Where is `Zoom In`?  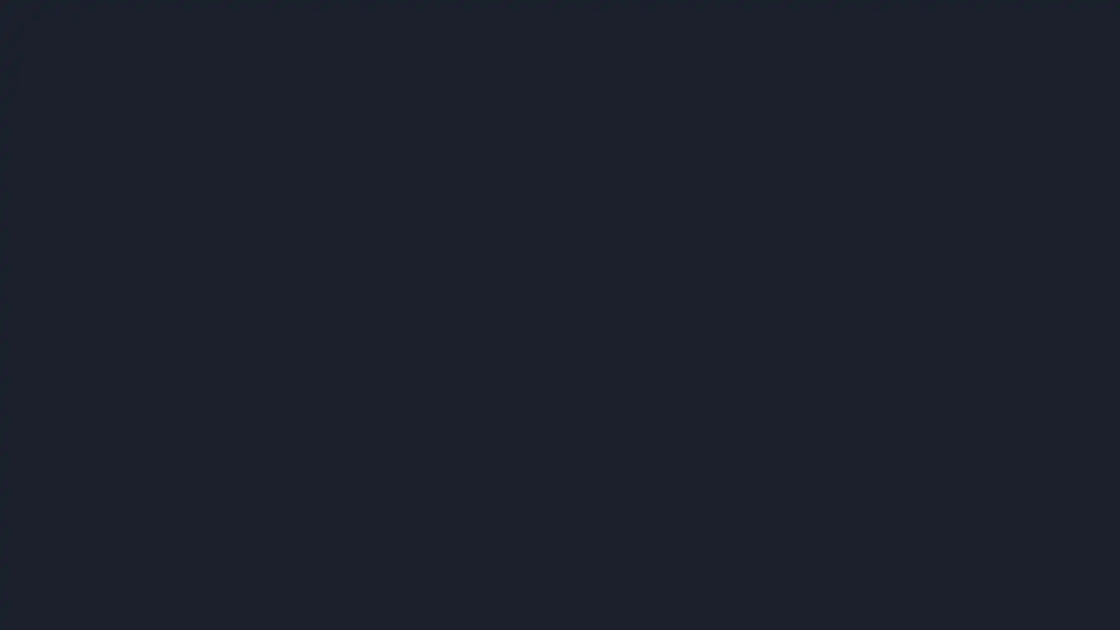
Zoom In is located at coordinates (806, 40).